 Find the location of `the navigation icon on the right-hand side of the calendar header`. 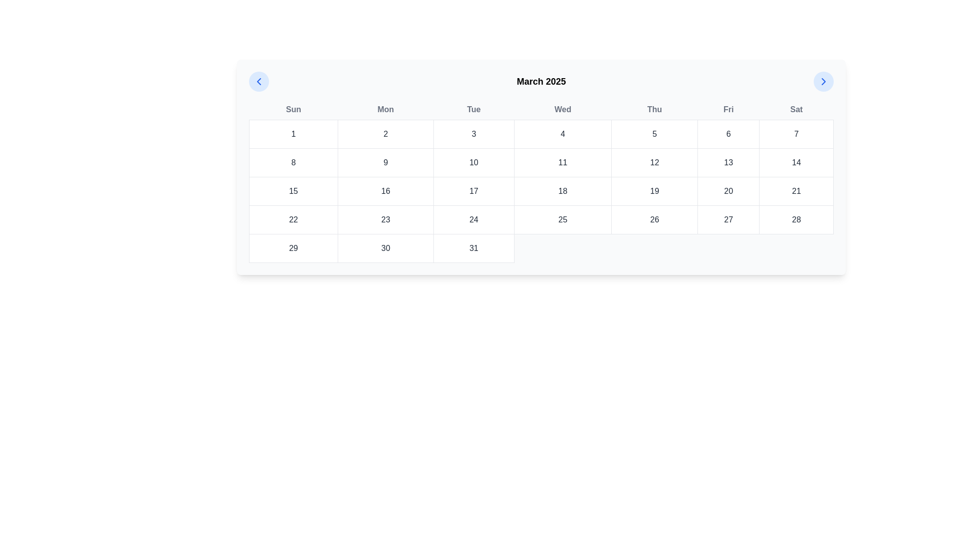

the navigation icon on the right-hand side of the calendar header is located at coordinates (823, 81).